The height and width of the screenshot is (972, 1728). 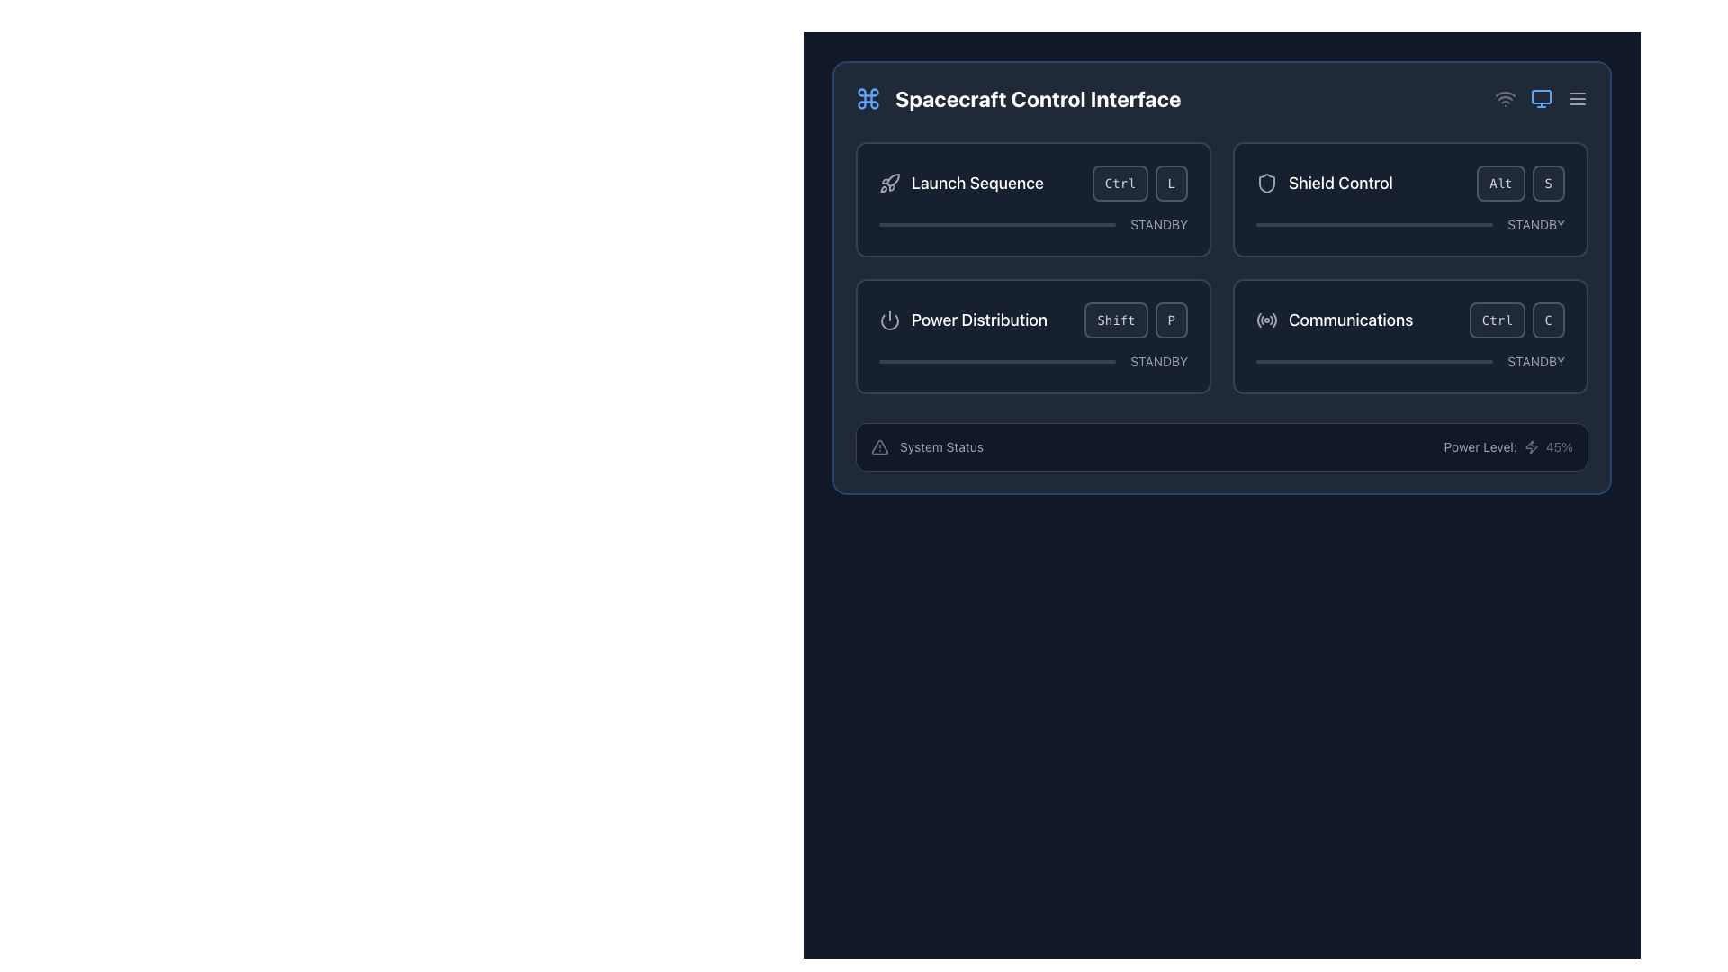 What do you see at coordinates (1530, 446) in the screenshot?
I see `the power indication icon located in the 'Power Level: 45%' section, positioned to the right of the text 'Power Level:' and preceding the numeric value '45%` at bounding box center [1530, 446].